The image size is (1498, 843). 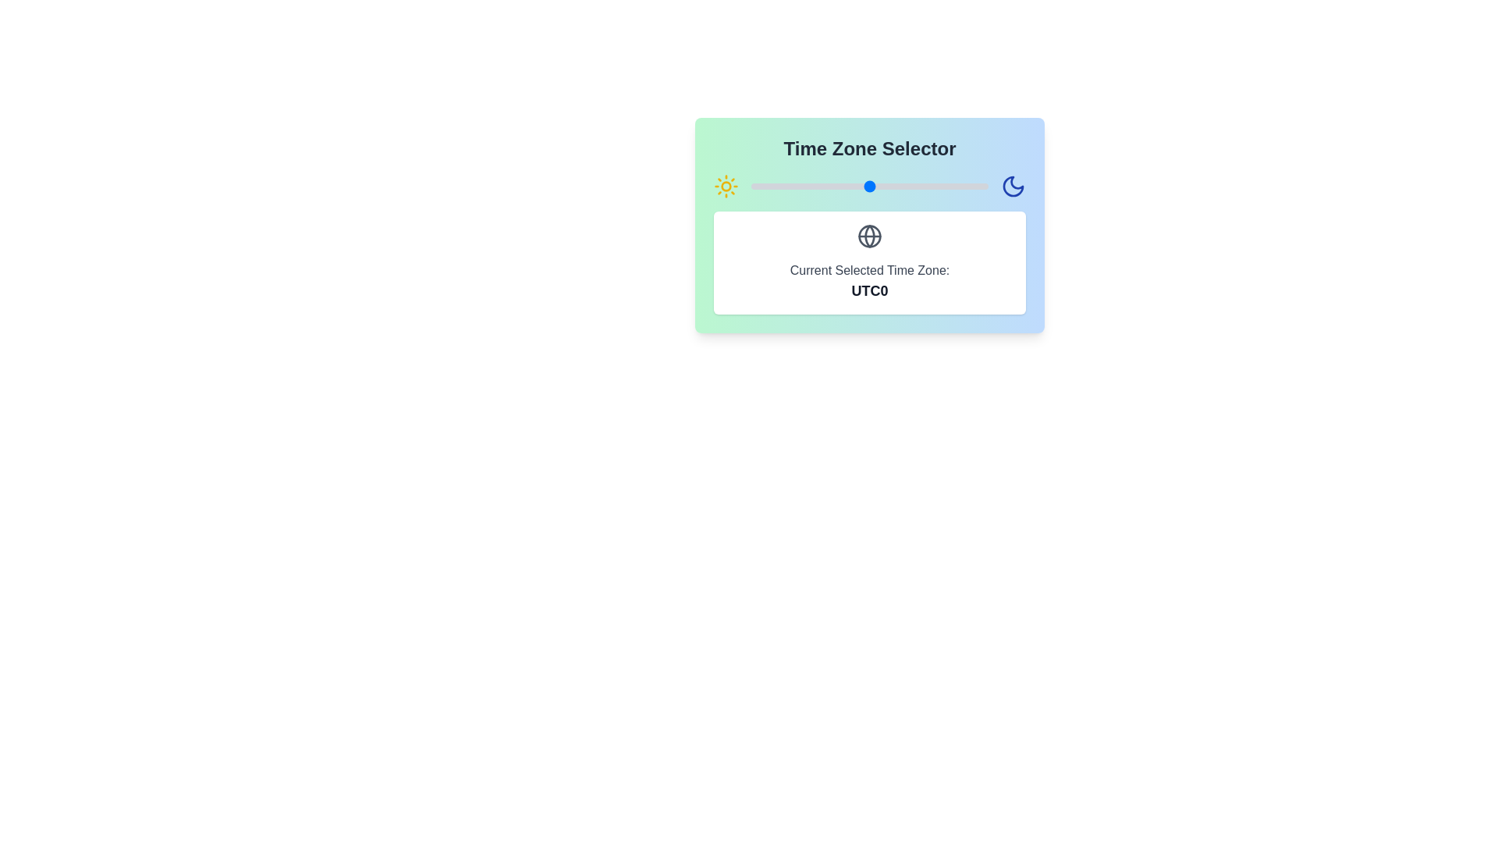 What do you see at coordinates (964, 186) in the screenshot?
I see `the time zone offset` at bounding box center [964, 186].